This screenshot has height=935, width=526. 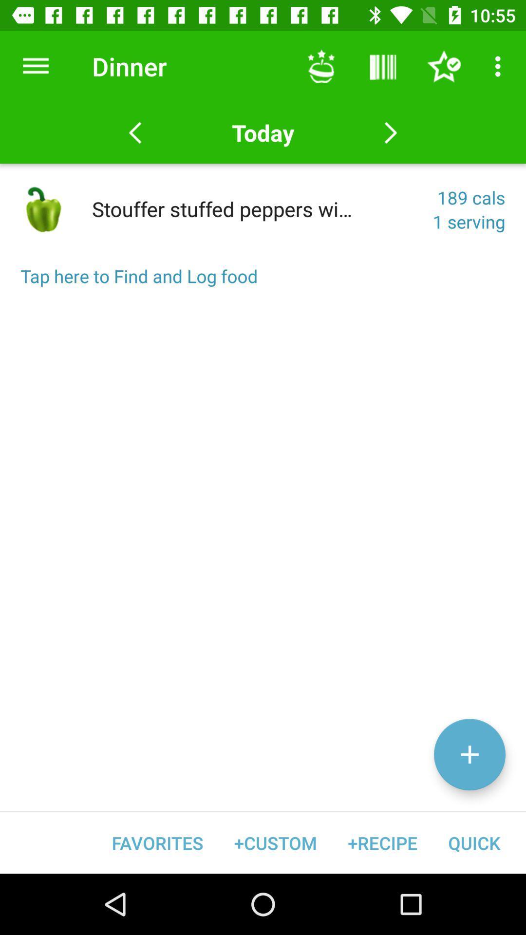 I want to click on icon next to the +recipe icon, so click(x=275, y=842).